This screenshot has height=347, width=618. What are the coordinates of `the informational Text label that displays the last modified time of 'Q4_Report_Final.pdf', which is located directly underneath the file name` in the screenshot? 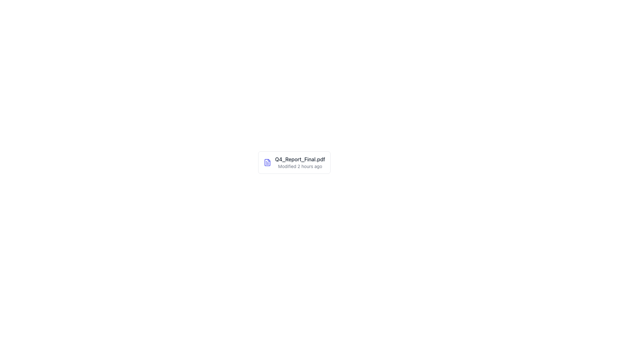 It's located at (300, 166).